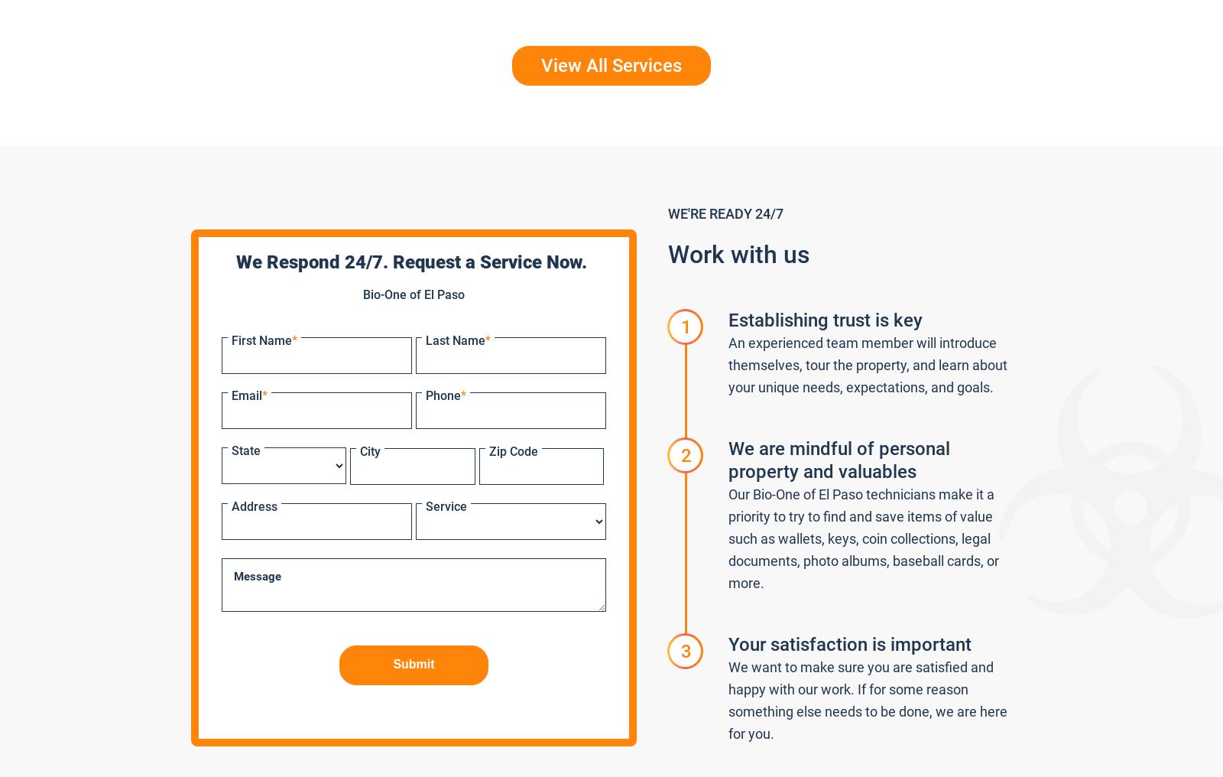 This screenshot has height=777, width=1223. What do you see at coordinates (413, 262) in the screenshot?
I see `'We Respond 24/7. Request a Service Now.'` at bounding box center [413, 262].